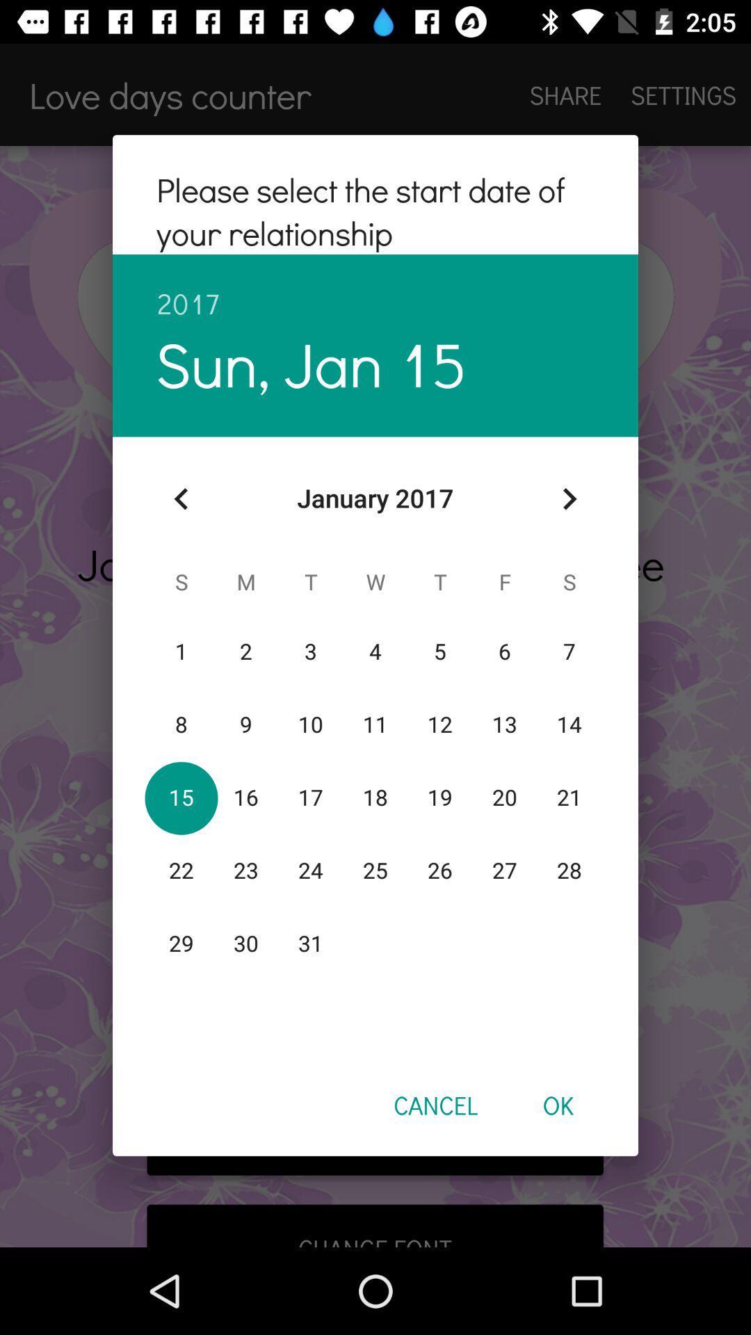 This screenshot has width=751, height=1335. What do you see at coordinates (557, 1104) in the screenshot?
I see `the icon next to cancel item` at bounding box center [557, 1104].